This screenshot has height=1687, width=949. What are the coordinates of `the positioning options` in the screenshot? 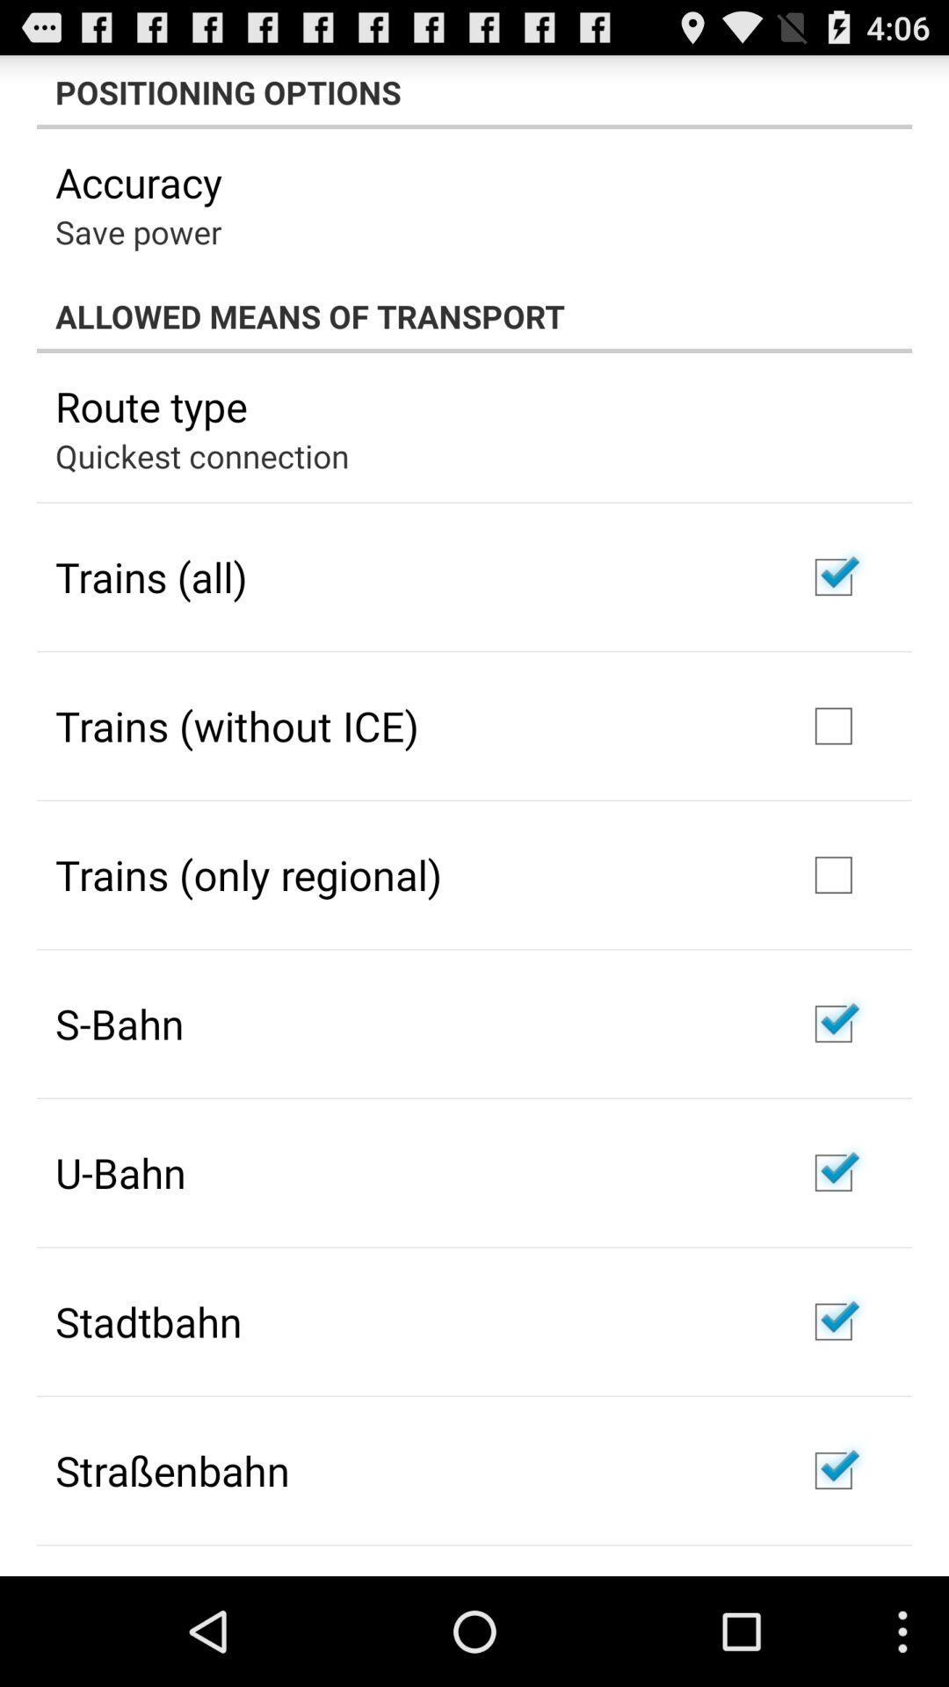 It's located at (474, 91).